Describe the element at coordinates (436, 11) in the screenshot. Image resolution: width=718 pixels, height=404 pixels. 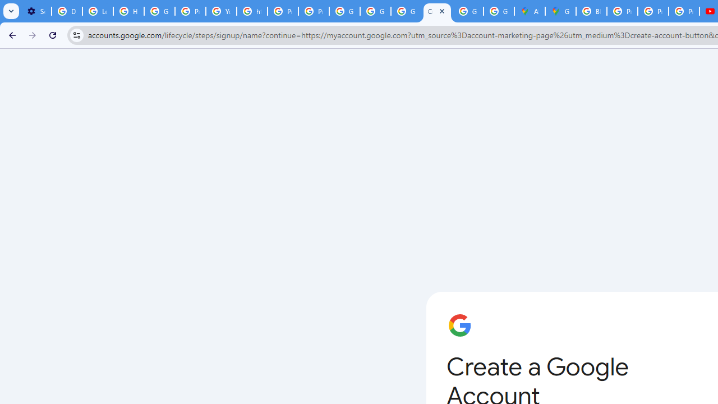
I see `'Create your Google Account'` at that location.